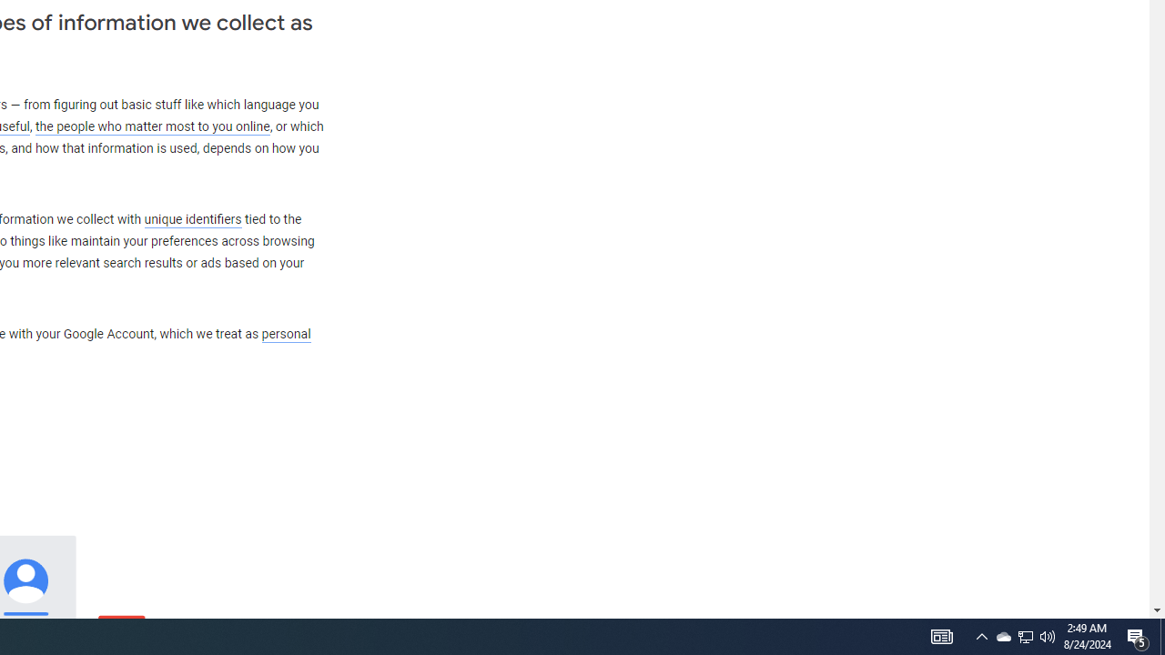 Image resolution: width=1165 pixels, height=655 pixels. What do you see at coordinates (941, 635) in the screenshot?
I see `'AutomationID: 4105'` at bounding box center [941, 635].